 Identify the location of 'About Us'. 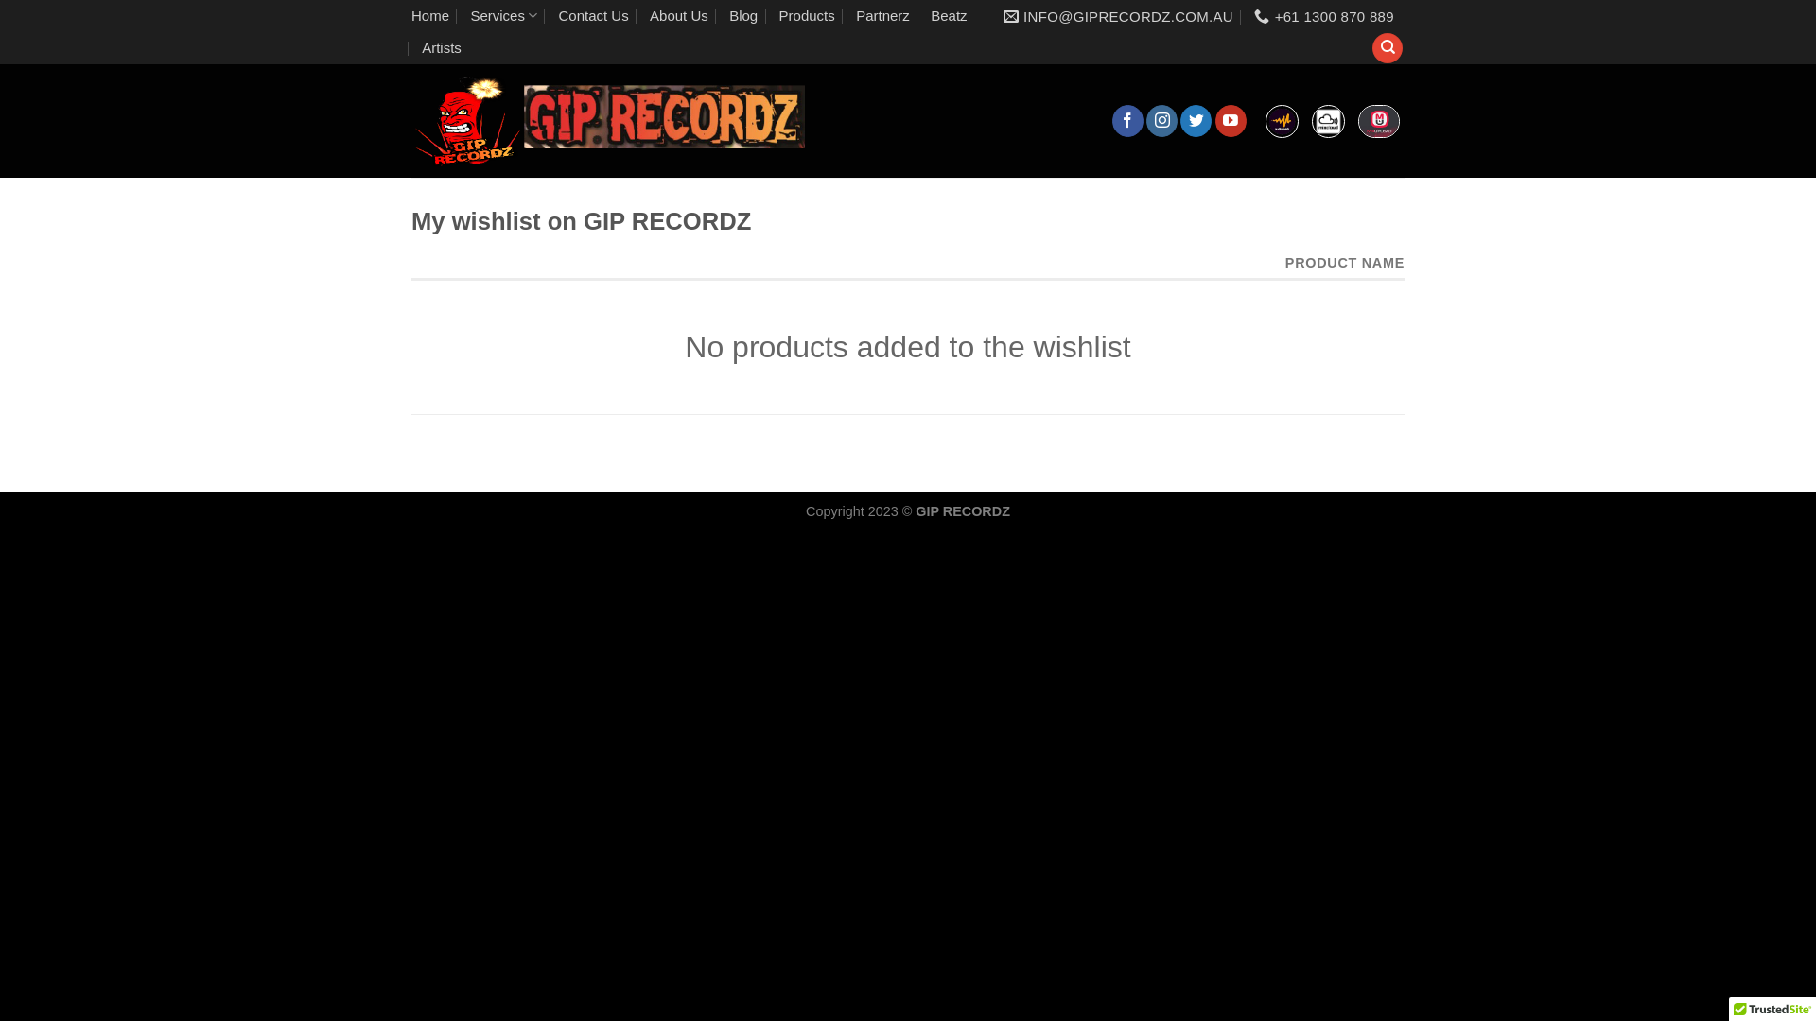
(679, 15).